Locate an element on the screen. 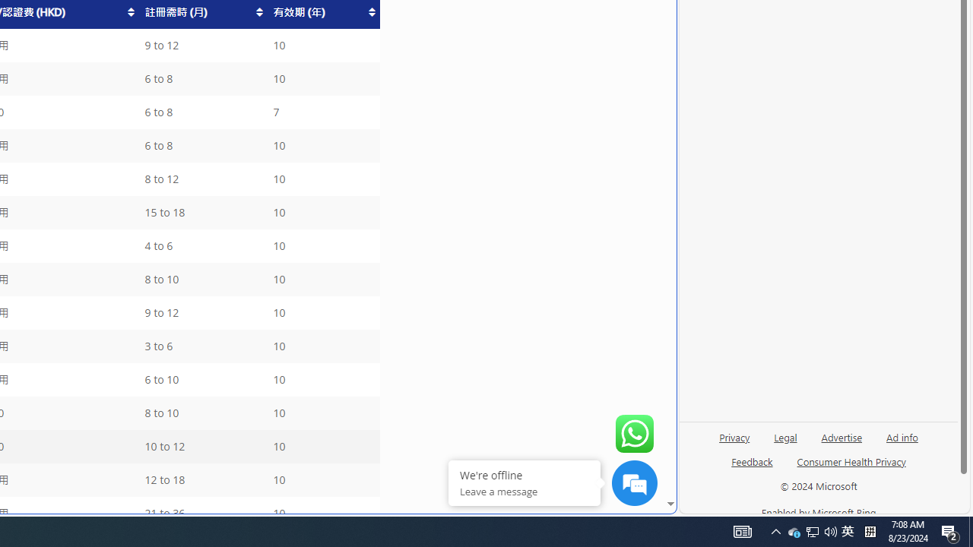 The height and width of the screenshot is (547, 973). '21 to 36' is located at coordinates (201, 513).